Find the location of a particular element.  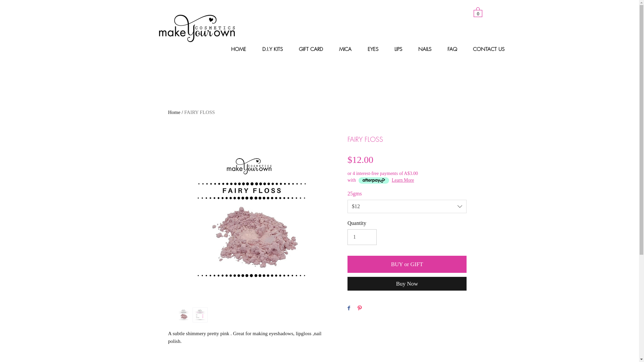

'Learn More' is located at coordinates (402, 180).